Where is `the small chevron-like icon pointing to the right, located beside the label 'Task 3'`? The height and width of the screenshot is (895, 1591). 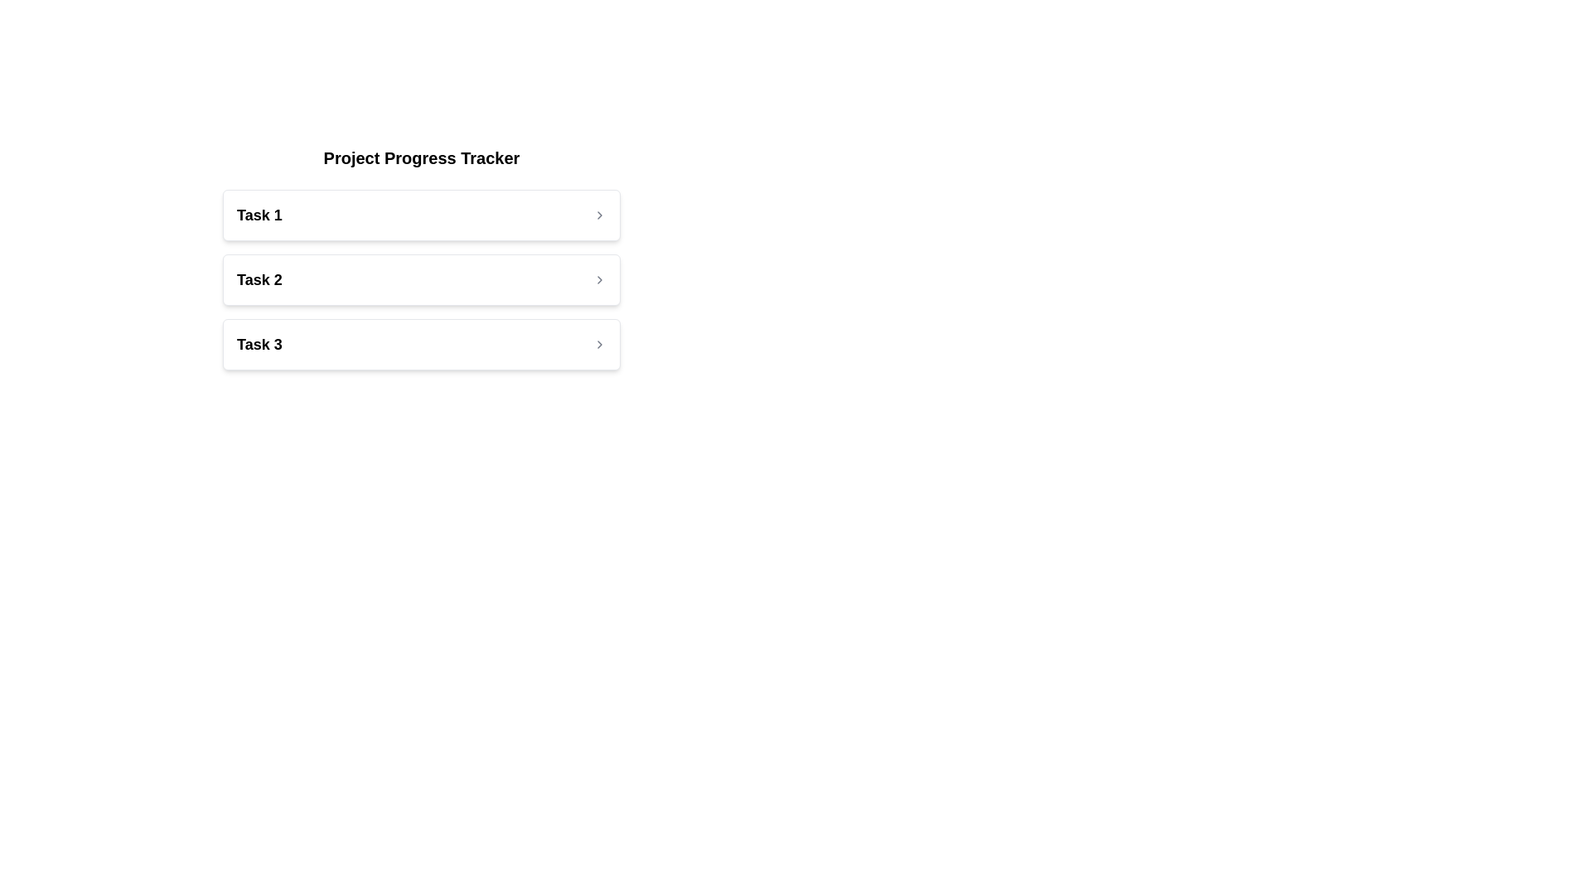 the small chevron-like icon pointing to the right, located beside the label 'Task 3' is located at coordinates (599, 344).